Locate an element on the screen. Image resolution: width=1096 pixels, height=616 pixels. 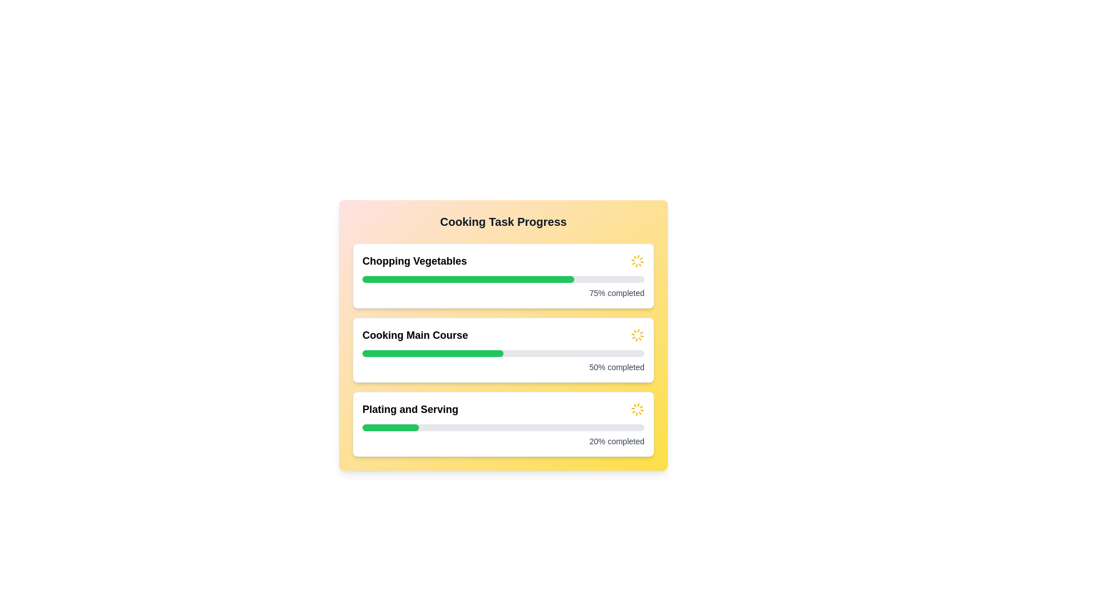
the Loading Spinner Icon, which serves as a visual indicator for ongoing progress related to the 'Cooking Main Course' task, positioned to the right of the task title is located at coordinates (637, 334).